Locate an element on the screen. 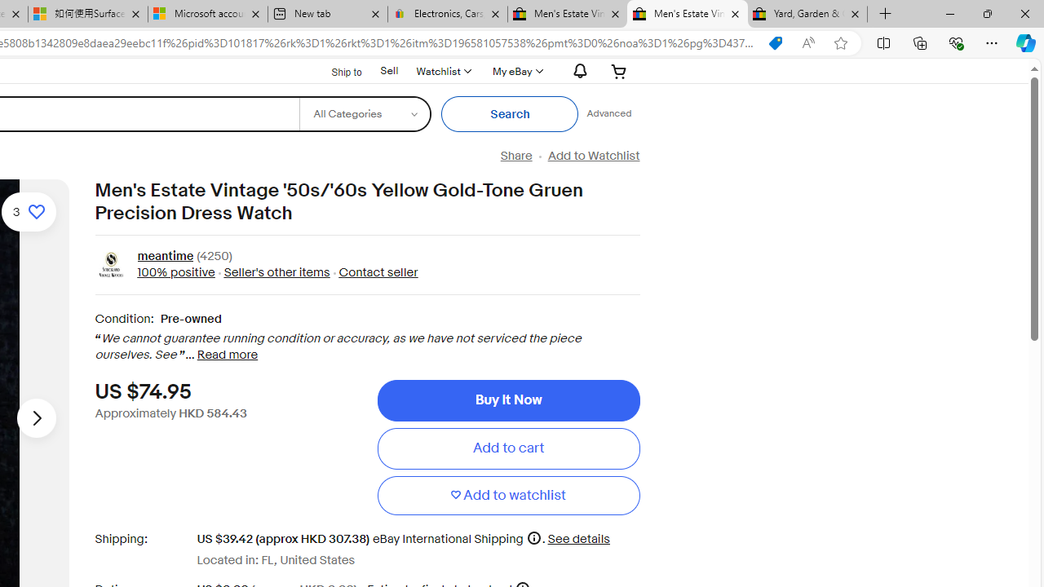 This screenshot has width=1044, height=587. 'Read more about condition' is located at coordinates (227, 354).